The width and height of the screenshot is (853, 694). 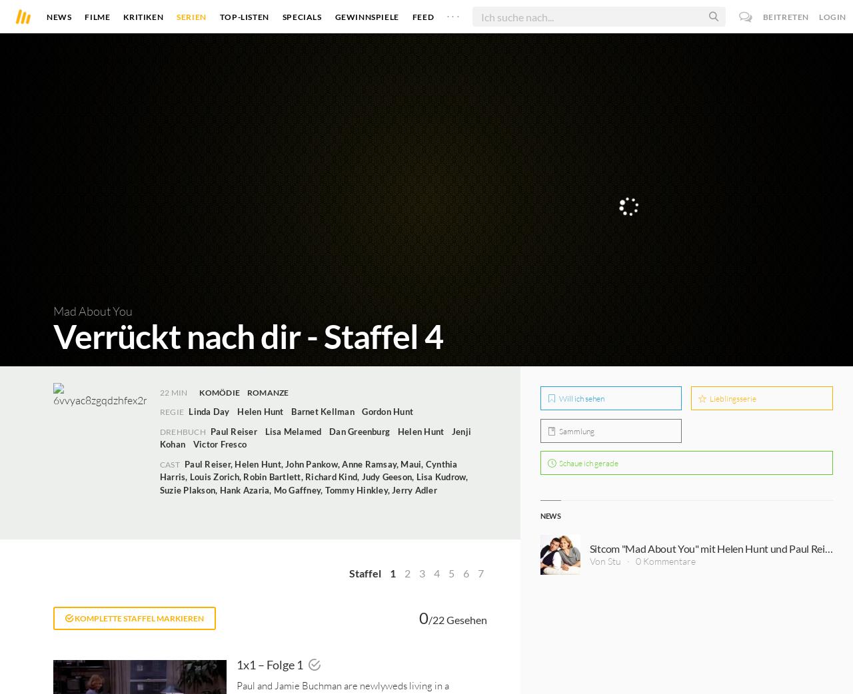 What do you see at coordinates (422, 15) in the screenshot?
I see `'Feed'` at bounding box center [422, 15].